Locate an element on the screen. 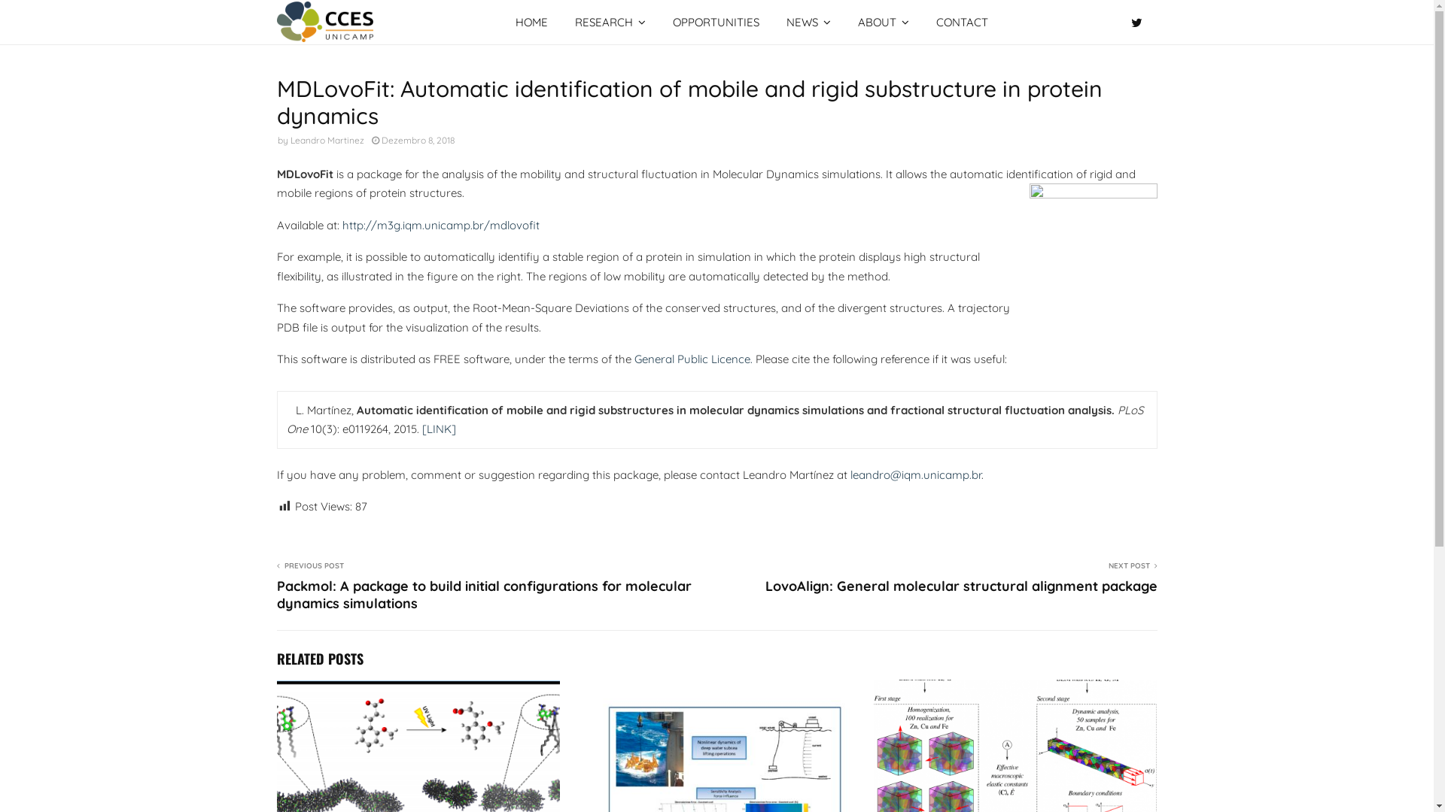  'General Public Licence.' is located at coordinates (692, 359).